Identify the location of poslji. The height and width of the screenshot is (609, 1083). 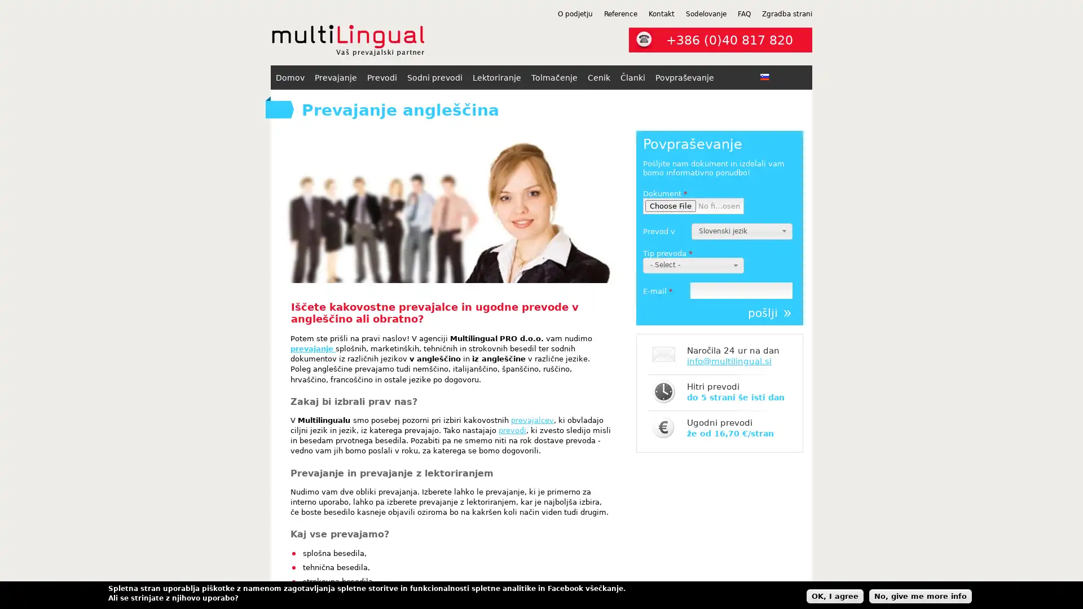
(769, 313).